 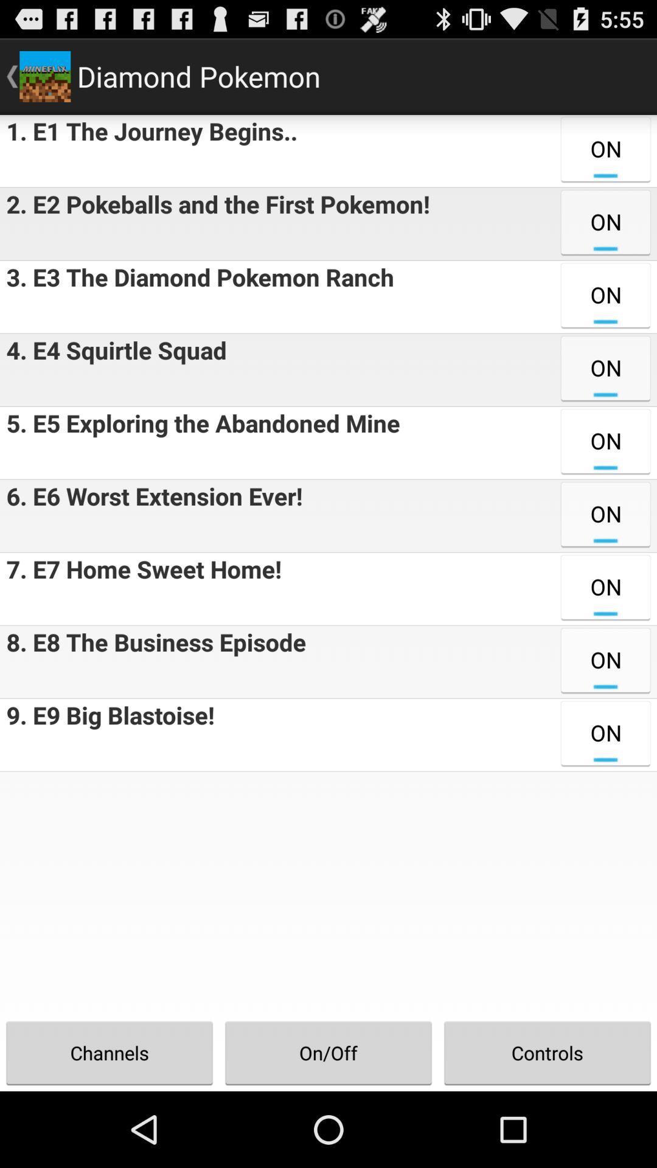 What do you see at coordinates (546, 1052) in the screenshot?
I see `the icon below on icon` at bounding box center [546, 1052].